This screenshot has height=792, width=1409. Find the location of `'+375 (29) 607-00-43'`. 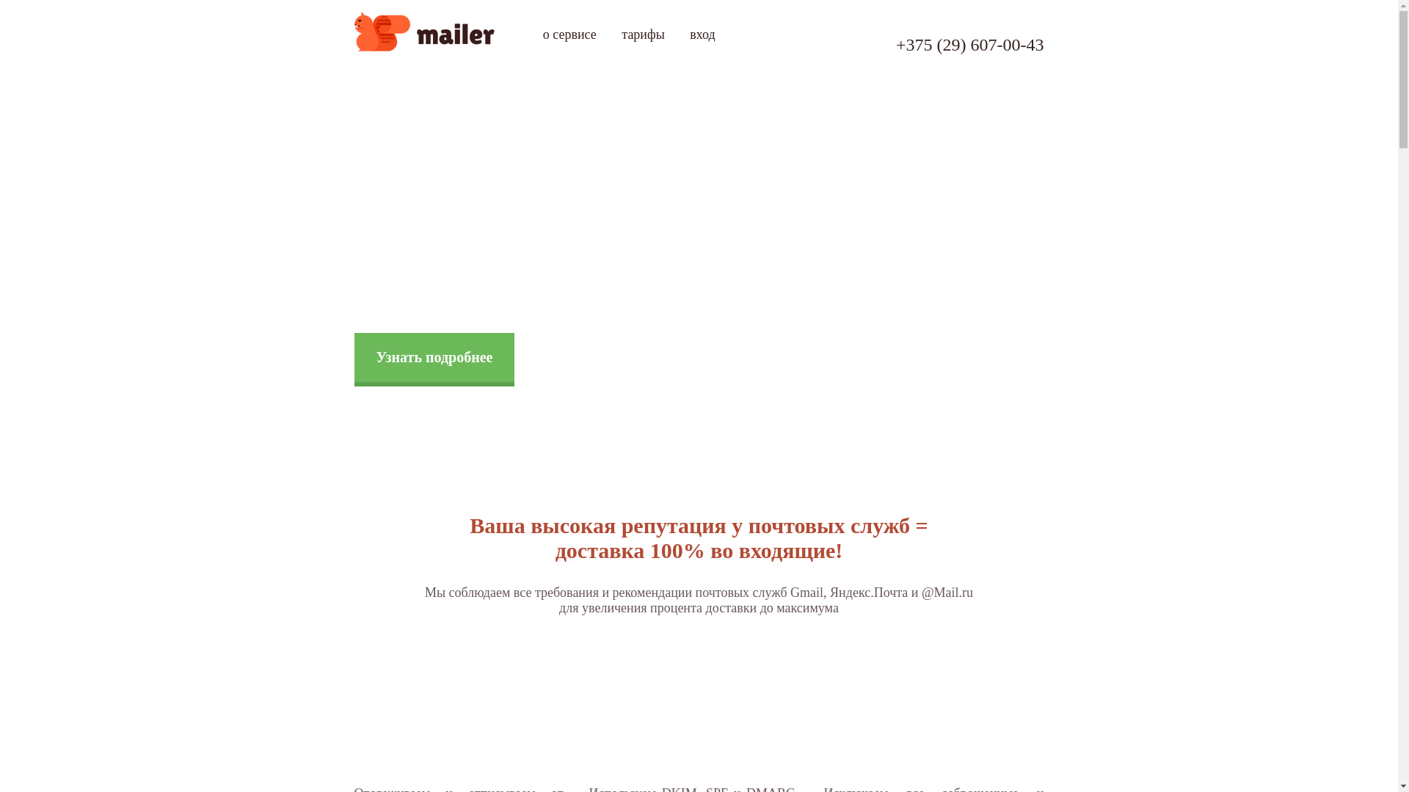

'+375 (29) 607-00-43' is located at coordinates (895, 44).